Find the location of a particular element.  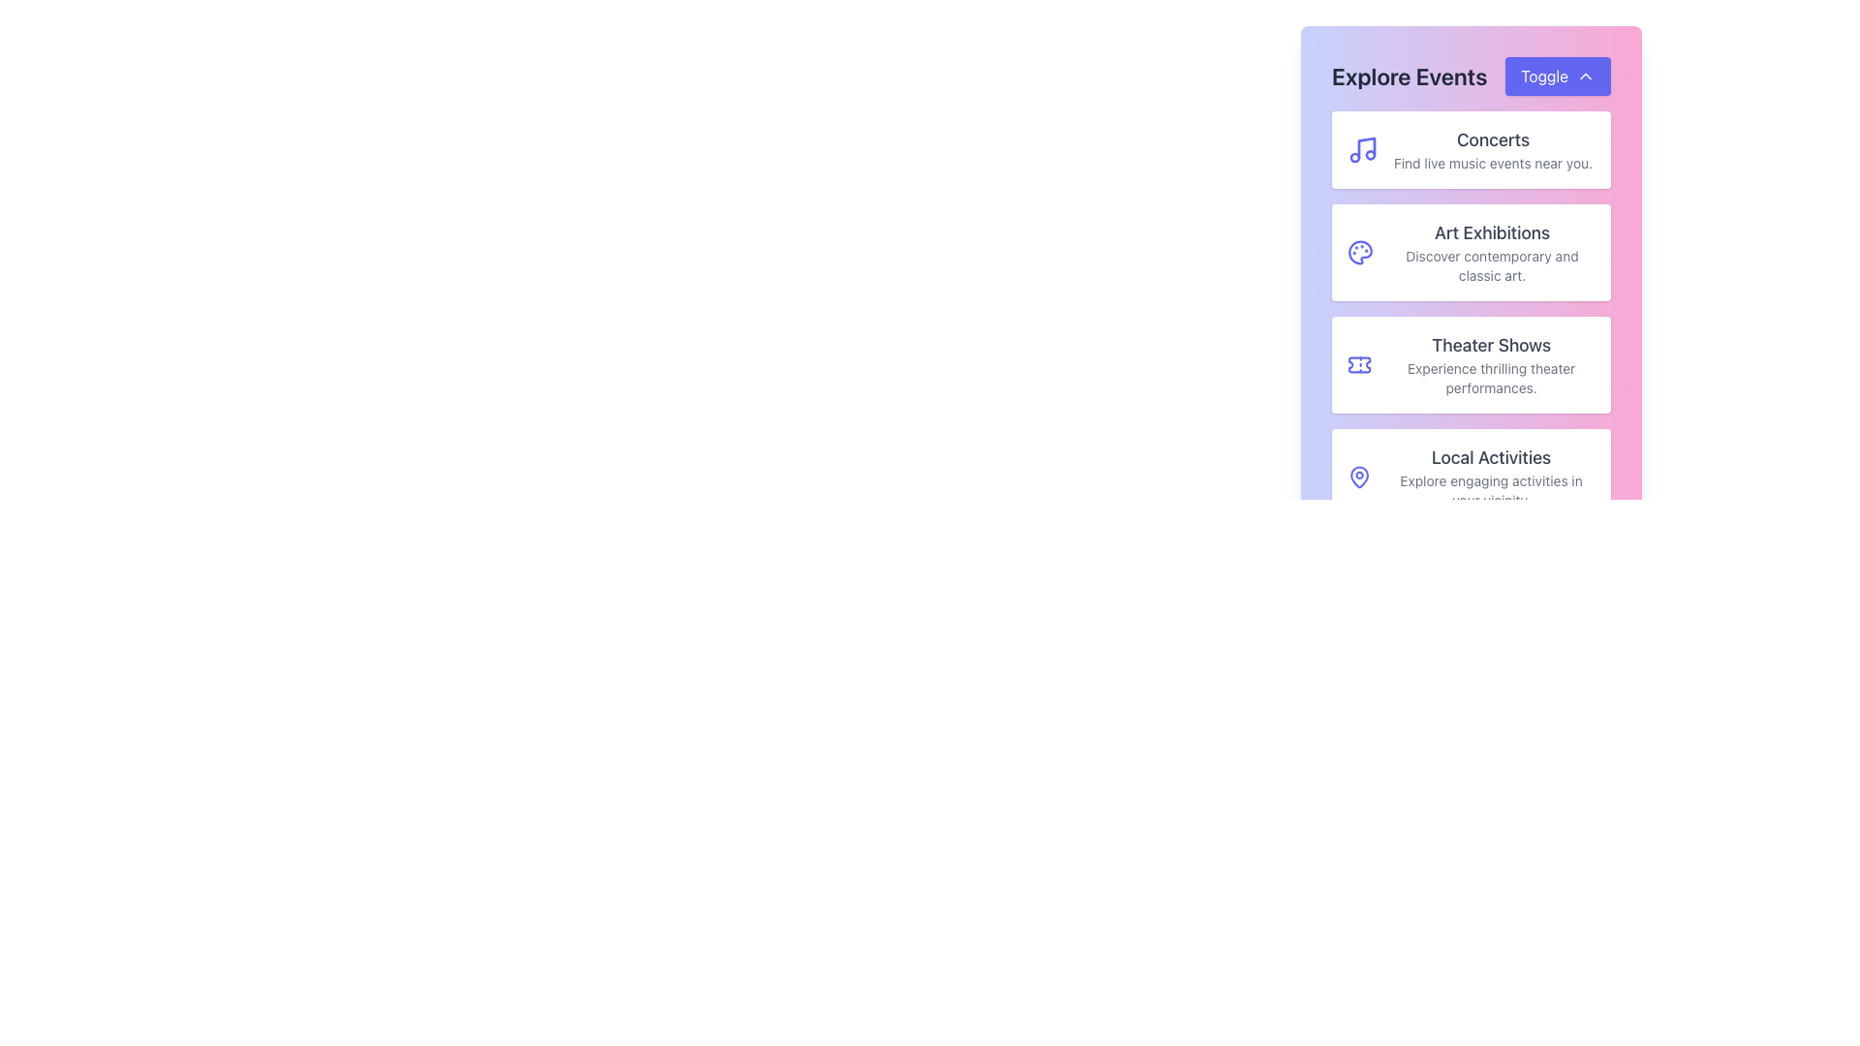

the indigo map pin icon located to the left of the 'Local Activities' text in the bottom-most section of the main content group is located at coordinates (1358, 477).